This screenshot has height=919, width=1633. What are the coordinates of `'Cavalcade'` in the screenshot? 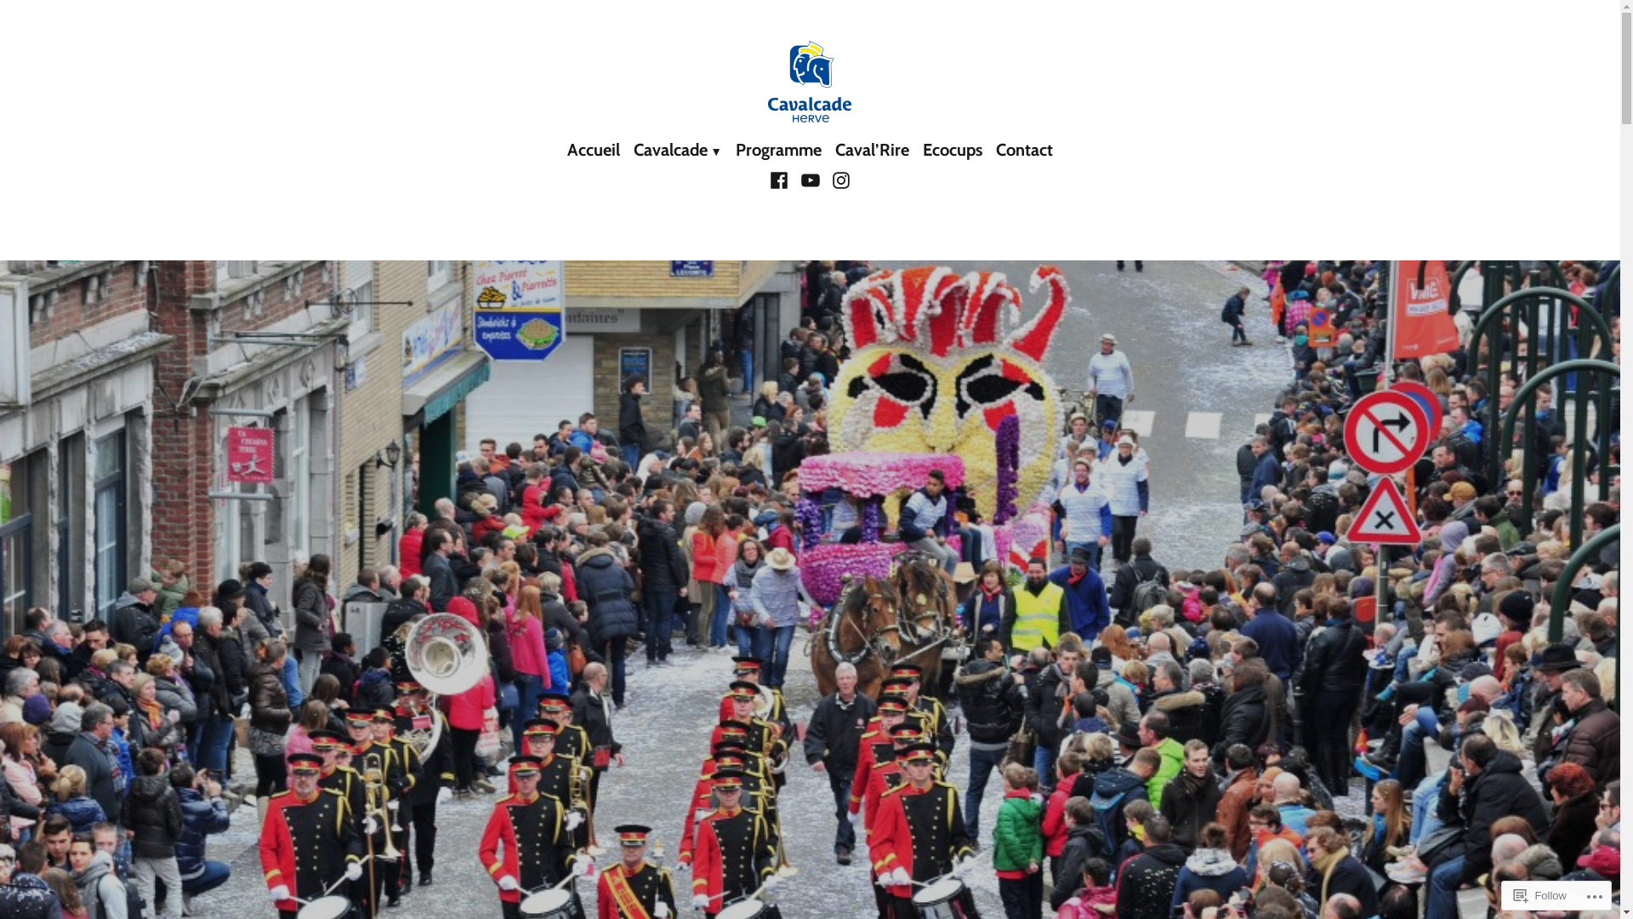 It's located at (676, 150).